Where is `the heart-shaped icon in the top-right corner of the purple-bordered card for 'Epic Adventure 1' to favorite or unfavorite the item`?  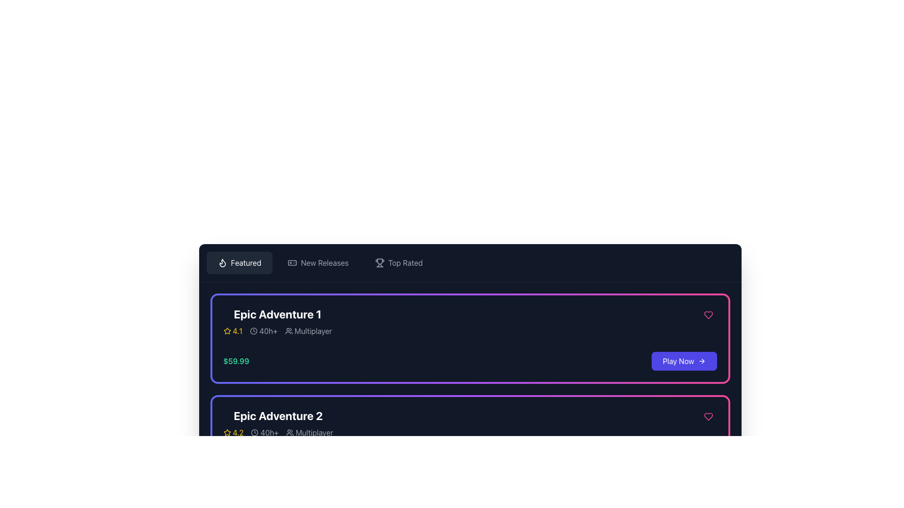 the heart-shaped icon in the top-right corner of the purple-bordered card for 'Epic Adventure 1' to favorite or unfavorite the item is located at coordinates (708, 315).